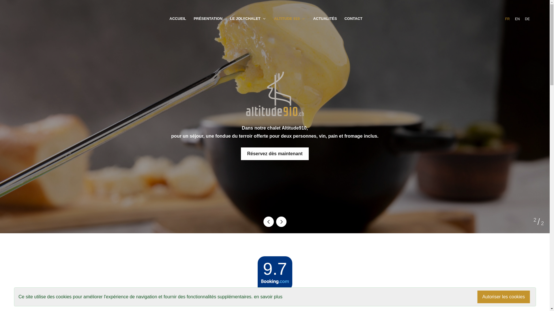 The height and width of the screenshot is (311, 554). Describe the element at coordinates (248, 18) in the screenshot. I see `'LE JOLYCHALET'` at that location.